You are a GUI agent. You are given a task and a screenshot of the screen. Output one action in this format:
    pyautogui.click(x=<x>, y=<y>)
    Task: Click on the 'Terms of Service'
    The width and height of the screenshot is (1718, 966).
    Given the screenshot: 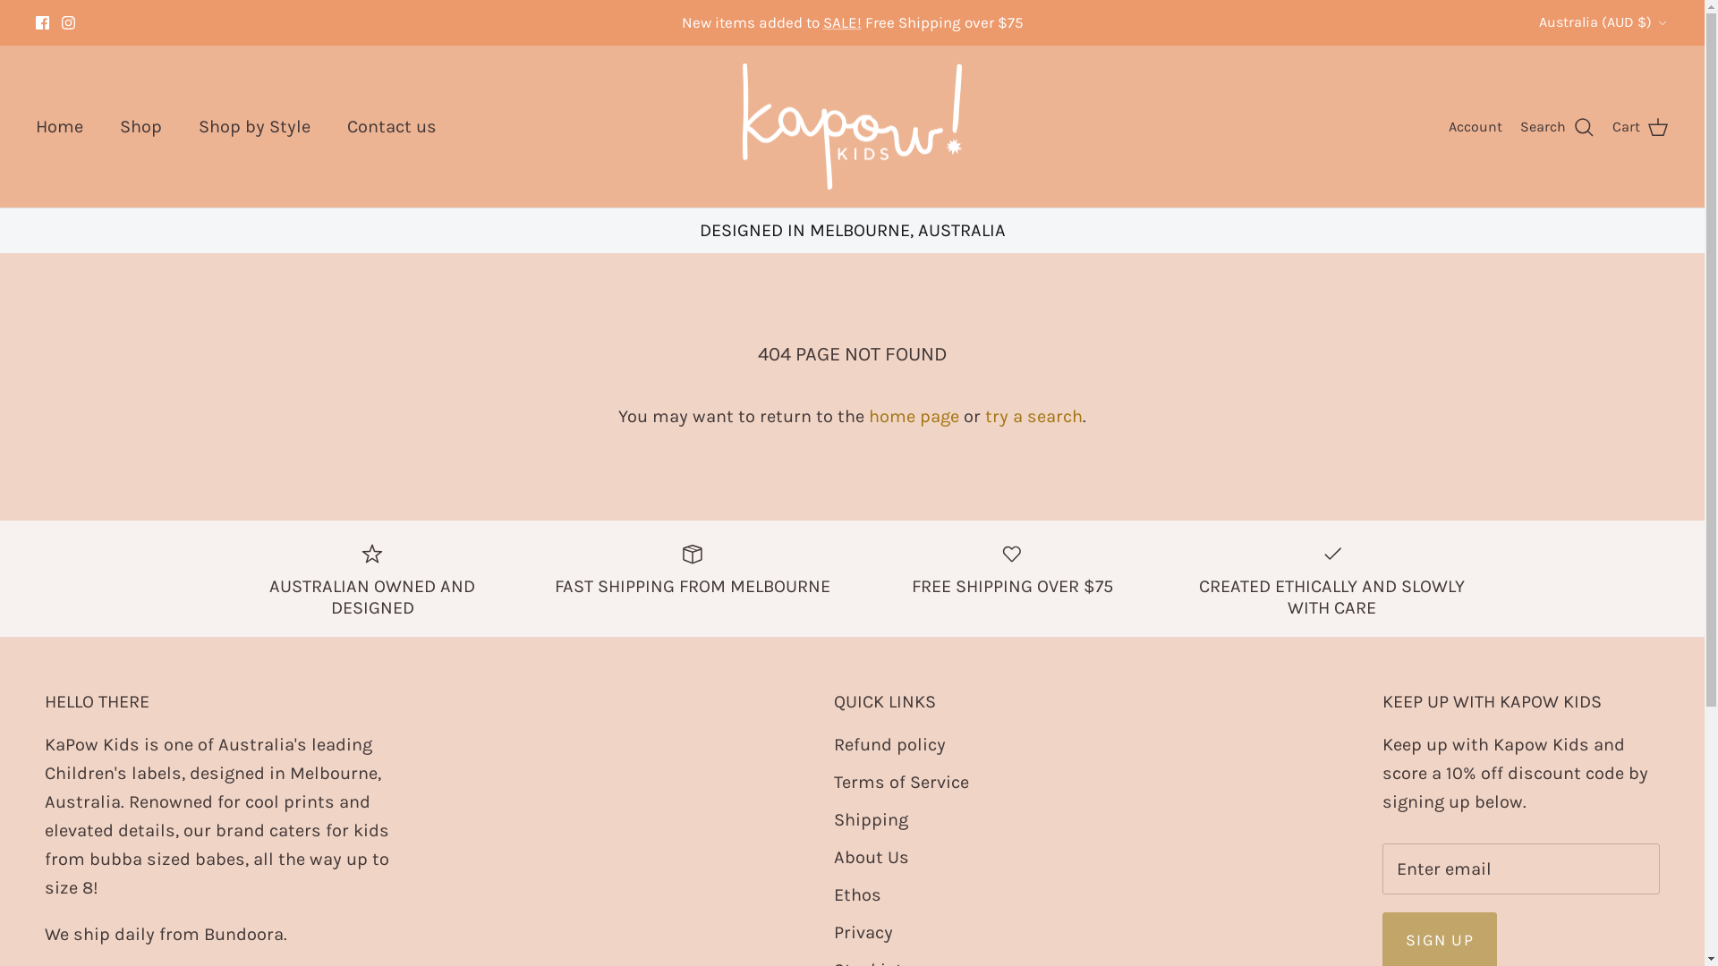 What is the action you would take?
    pyautogui.click(x=832, y=781)
    